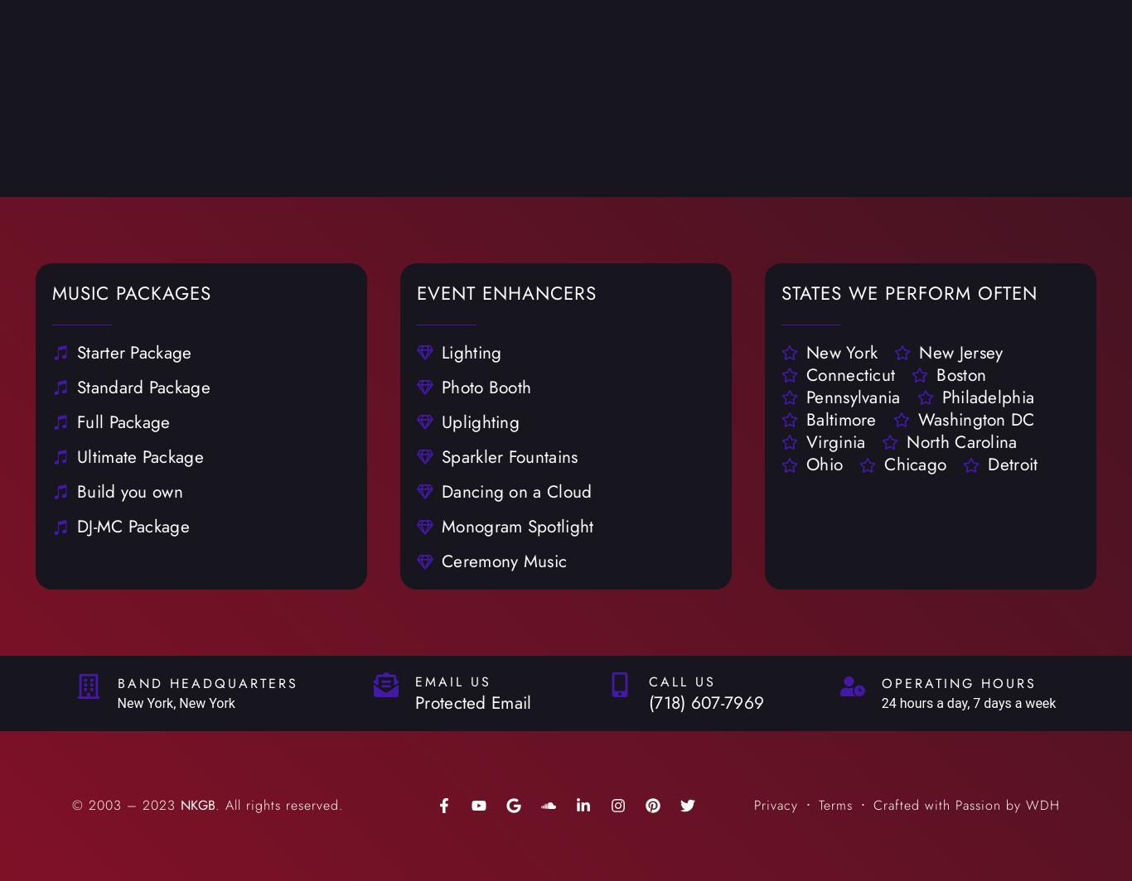 Image resolution: width=1132 pixels, height=881 pixels. I want to click on 'Washington DC', so click(917, 419).